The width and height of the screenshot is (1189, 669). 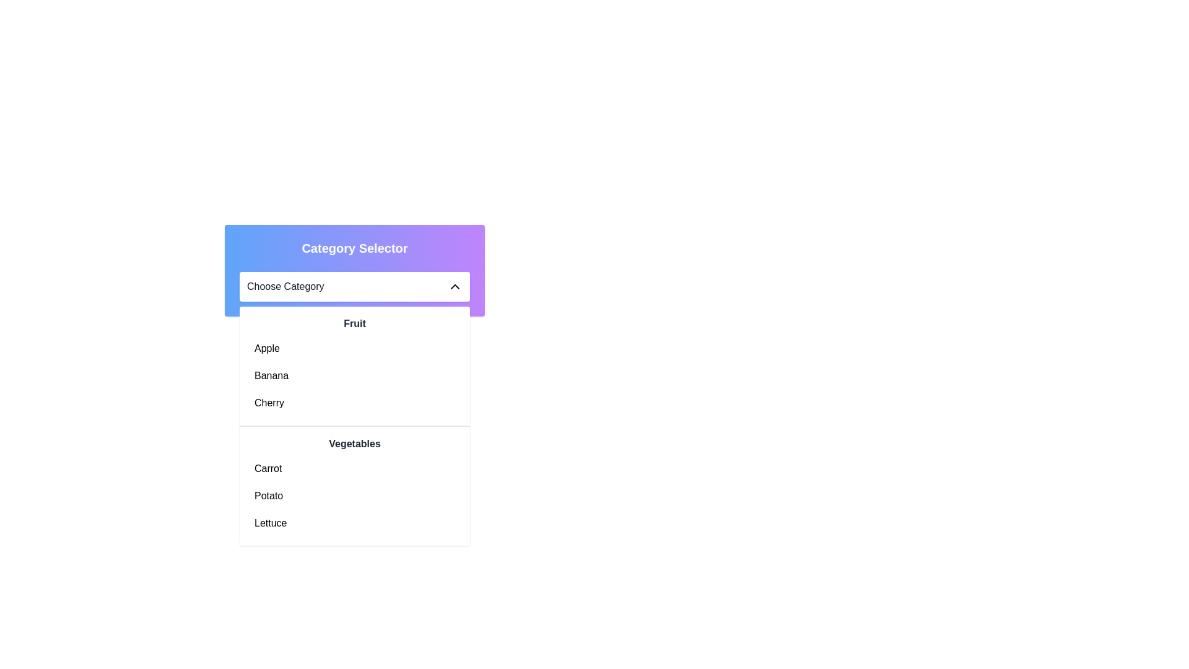 I want to click on the 'Potato' option in the dropdown menu under the 'Vegetables' section, so click(x=268, y=496).